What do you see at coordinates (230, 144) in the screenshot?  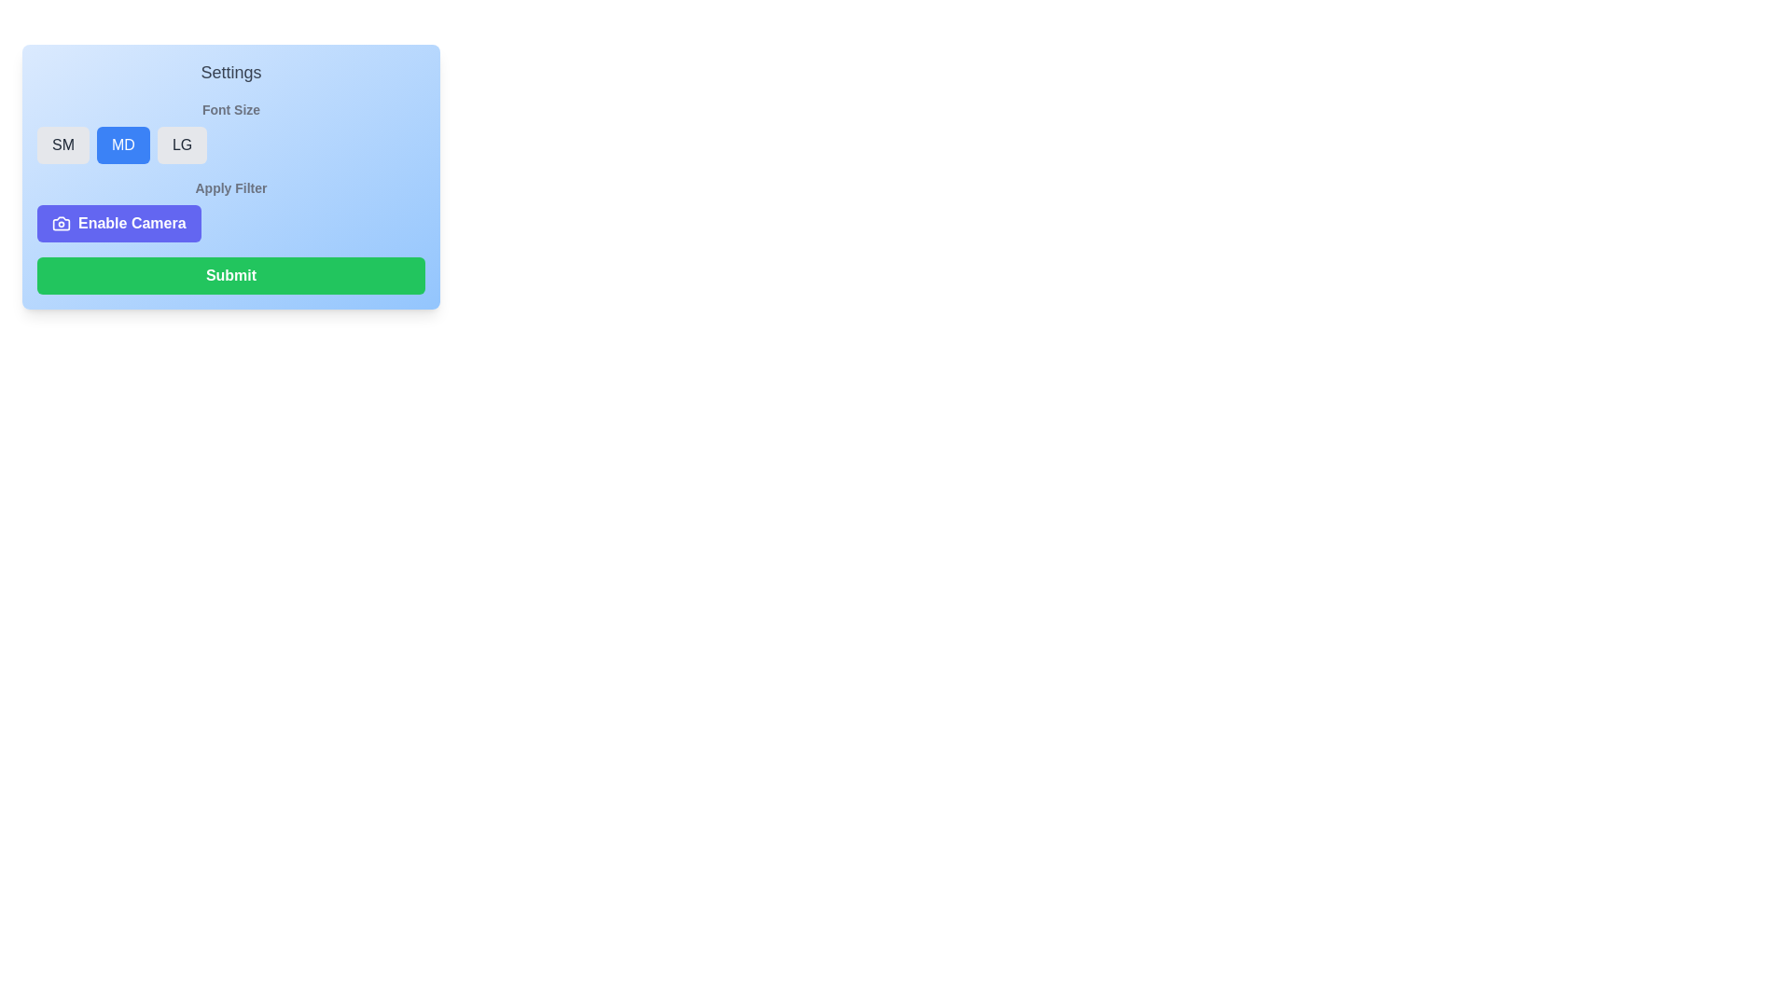 I see `the 'MD' button in the button group labeled 'SM', 'MD', and 'LG', which is highlighted in blue to indicate selection` at bounding box center [230, 144].